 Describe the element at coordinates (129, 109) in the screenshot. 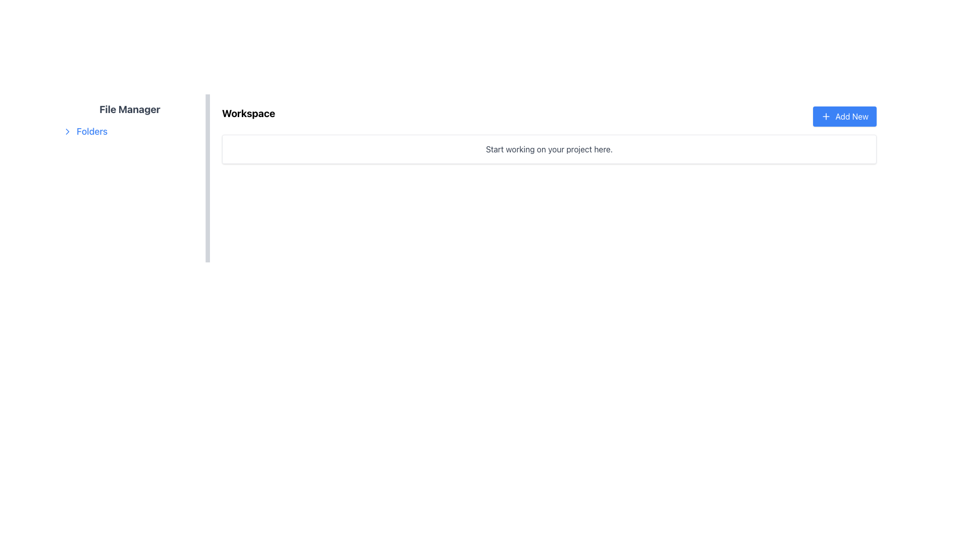

I see `the Text Label that serves as a header or title for the section, located in the top-left corner of the left-side navigation pane, above the 'Folders' elements` at that location.